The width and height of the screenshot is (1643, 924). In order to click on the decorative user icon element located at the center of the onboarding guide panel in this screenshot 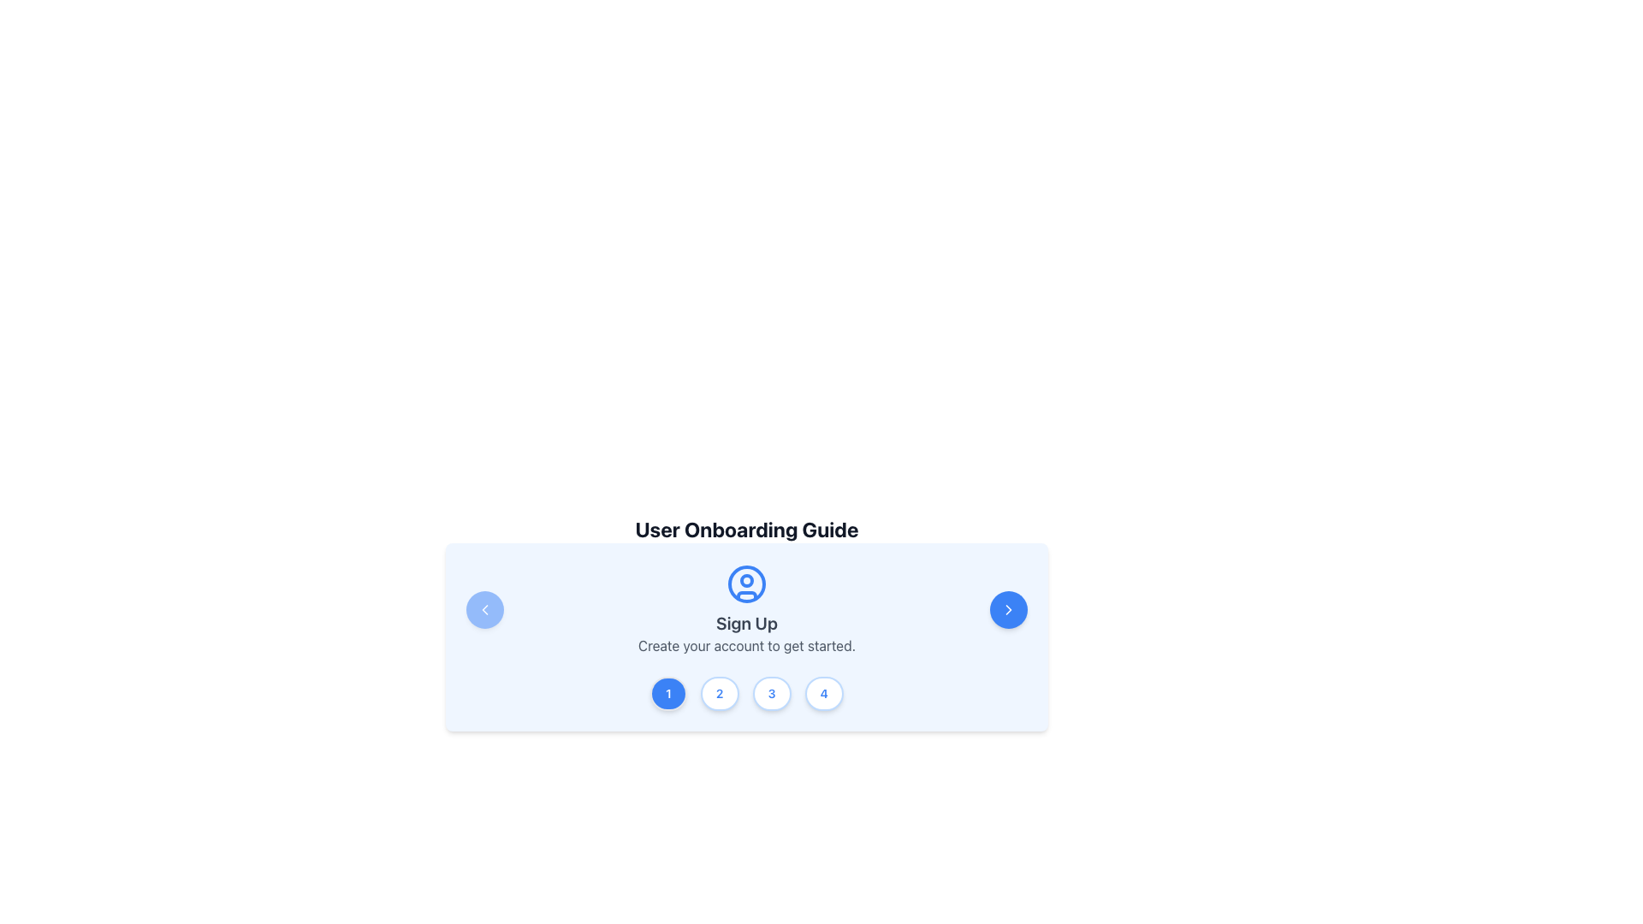, I will do `click(747, 594)`.